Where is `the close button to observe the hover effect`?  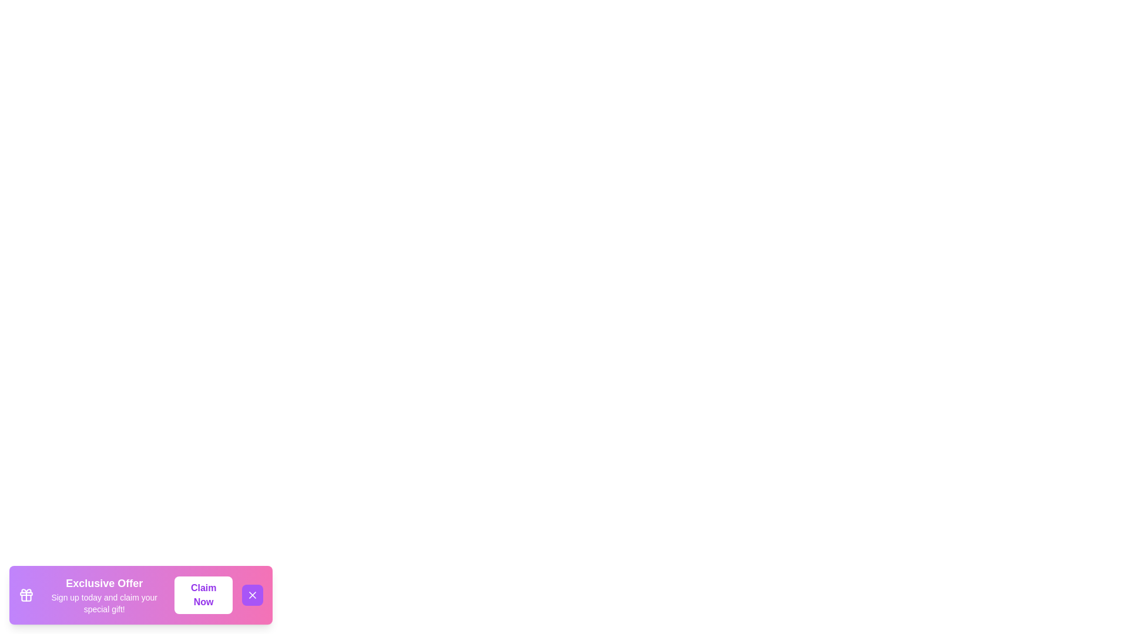 the close button to observe the hover effect is located at coordinates (251, 595).